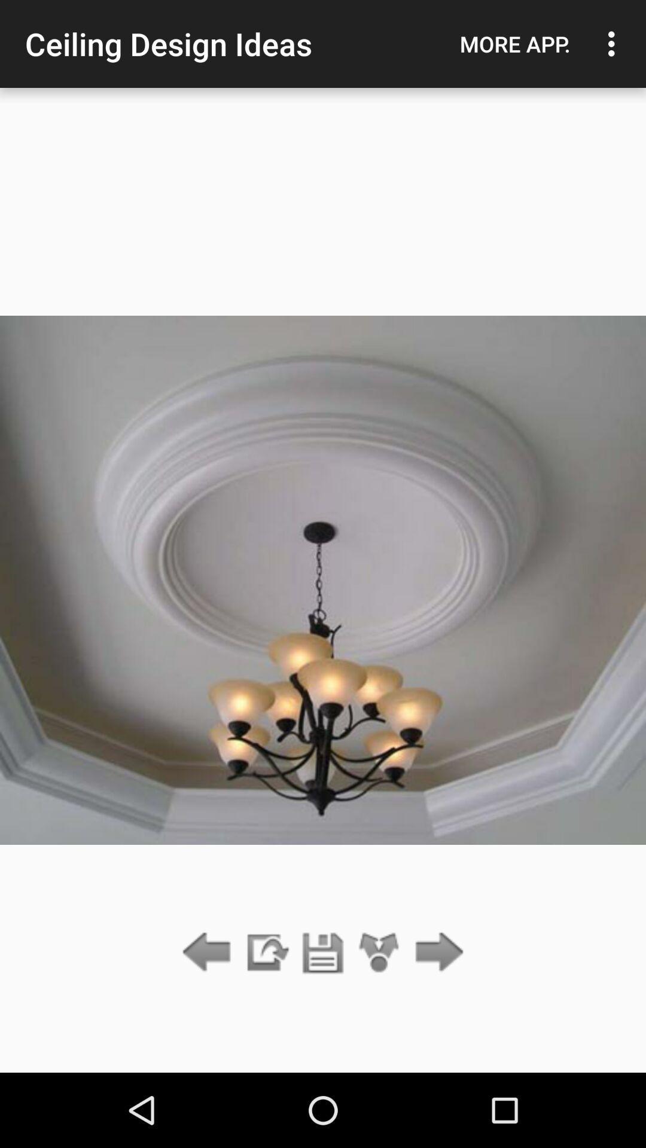 Image resolution: width=646 pixels, height=1148 pixels. Describe the element at coordinates (266, 952) in the screenshot. I see `the app below the ceiling design ideas icon` at that location.